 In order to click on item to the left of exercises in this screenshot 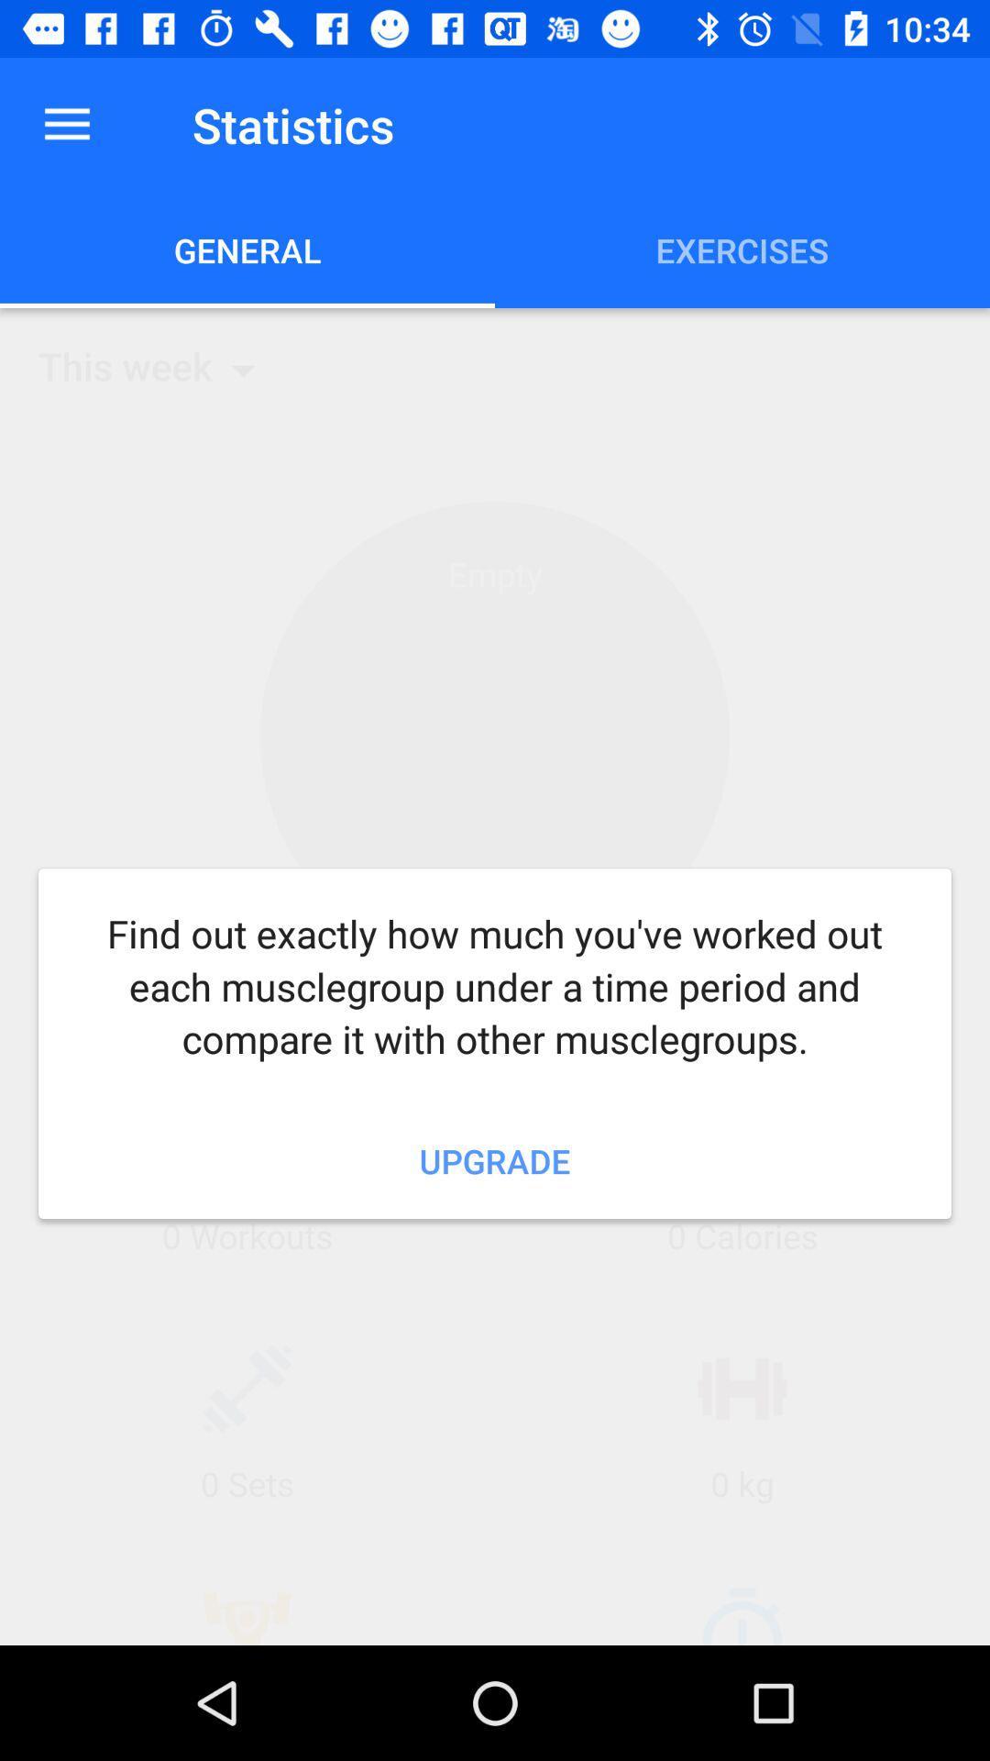, I will do `click(247, 249)`.